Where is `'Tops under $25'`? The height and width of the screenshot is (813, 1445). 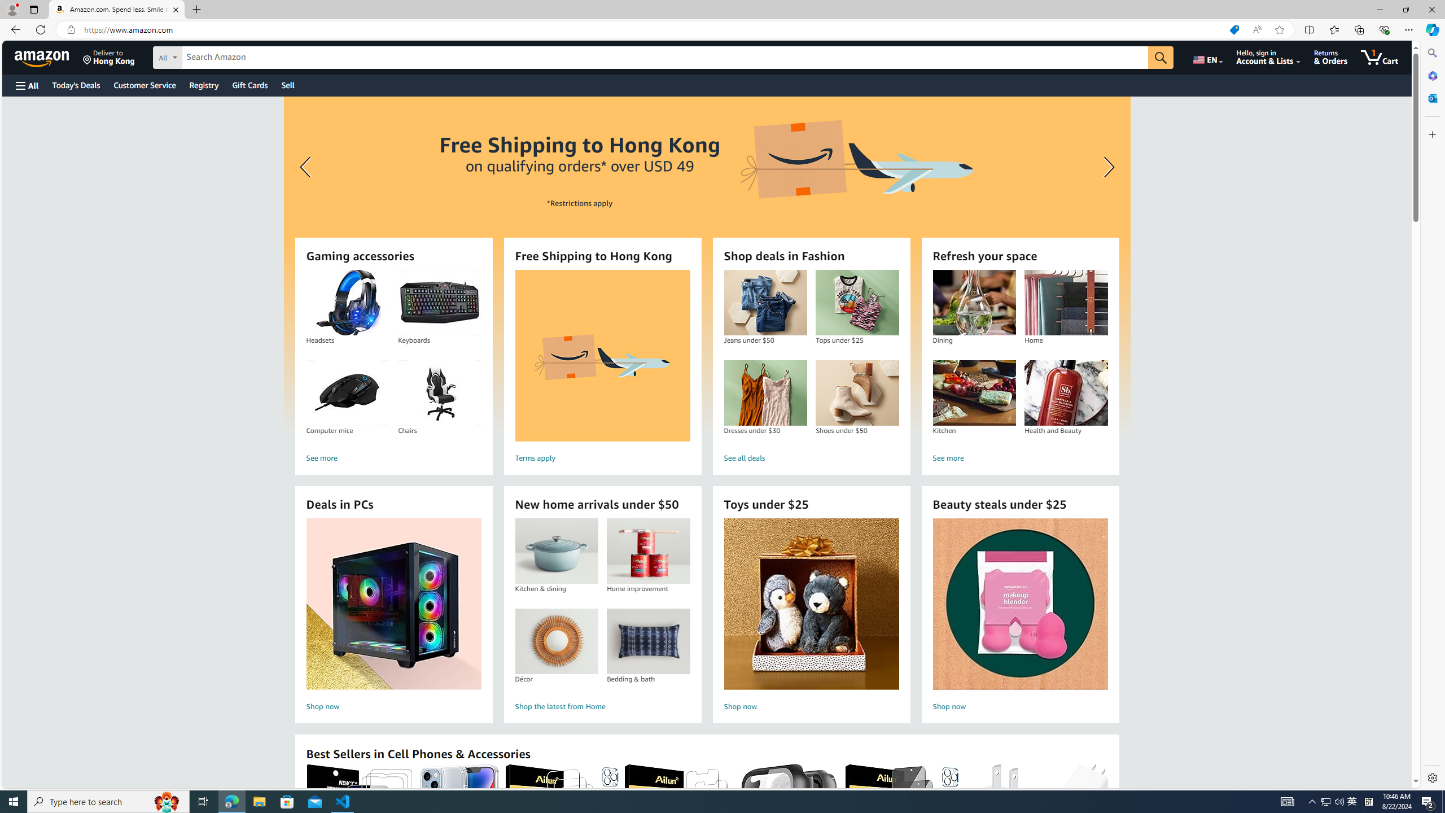 'Tops under $25' is located at coordinates (857, 303).